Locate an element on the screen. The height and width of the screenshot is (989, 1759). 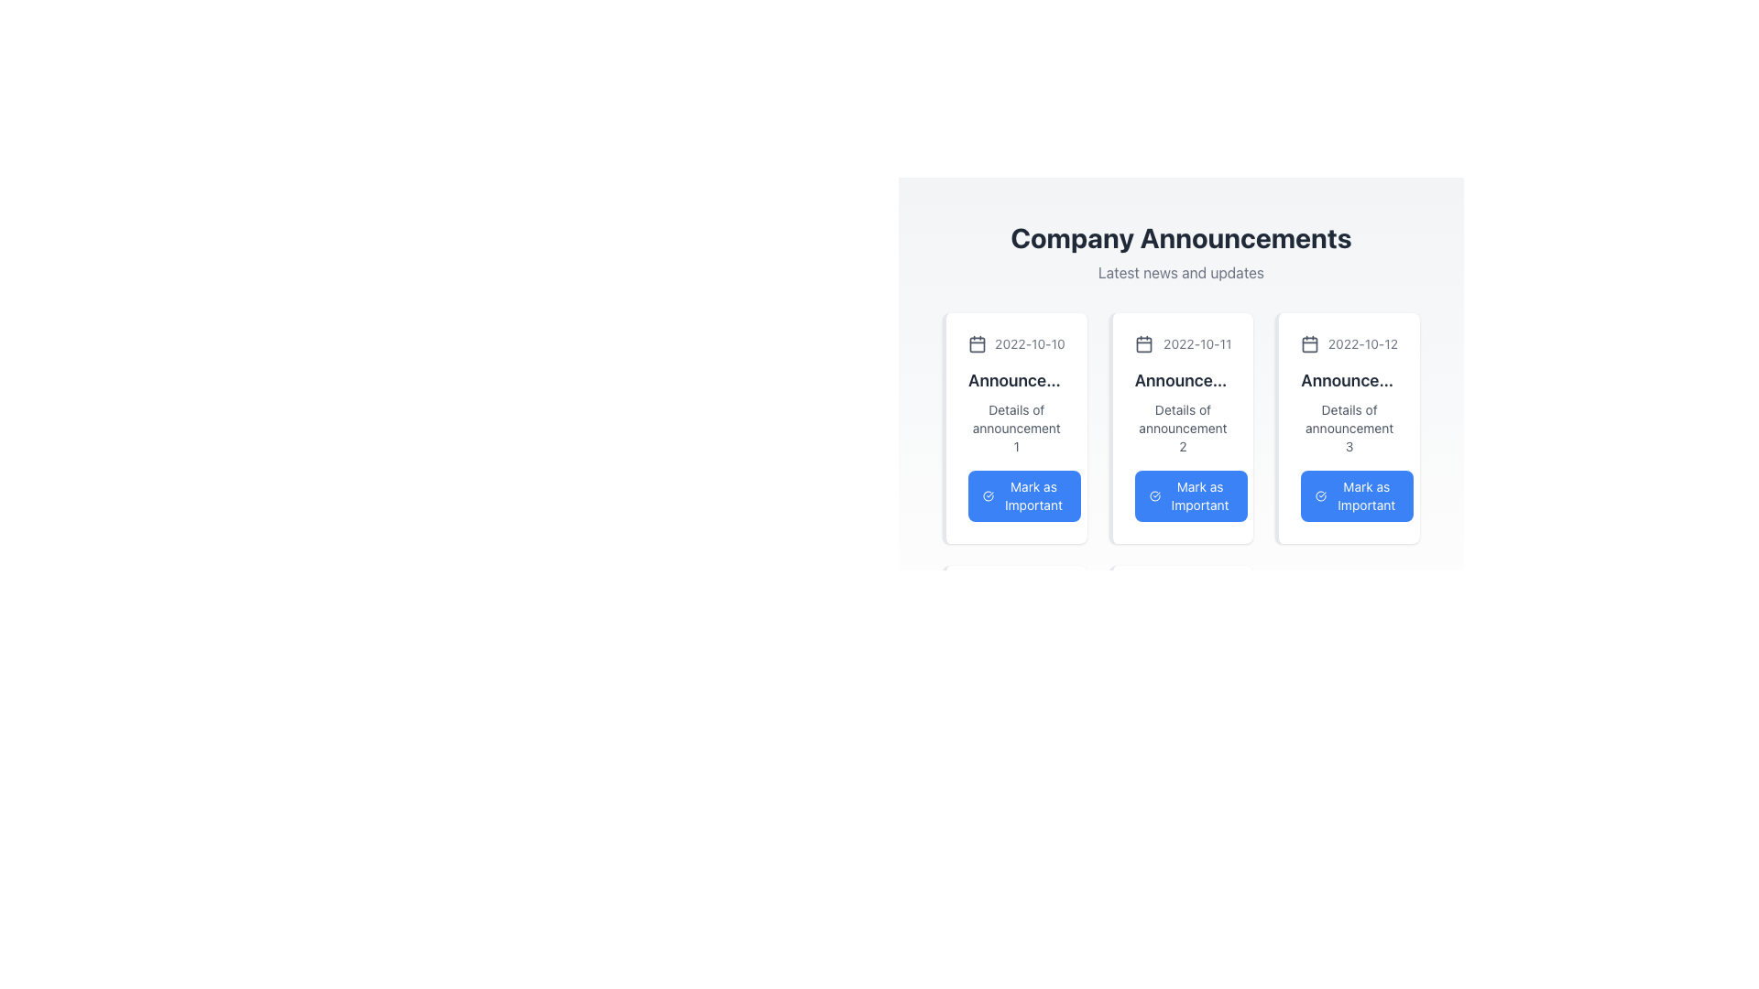
the text element displaying 'Details of announcement 1', which is styled in a smaller, gray font and located below the 'Announcement 1' title is located at coordinates (1015, 428).